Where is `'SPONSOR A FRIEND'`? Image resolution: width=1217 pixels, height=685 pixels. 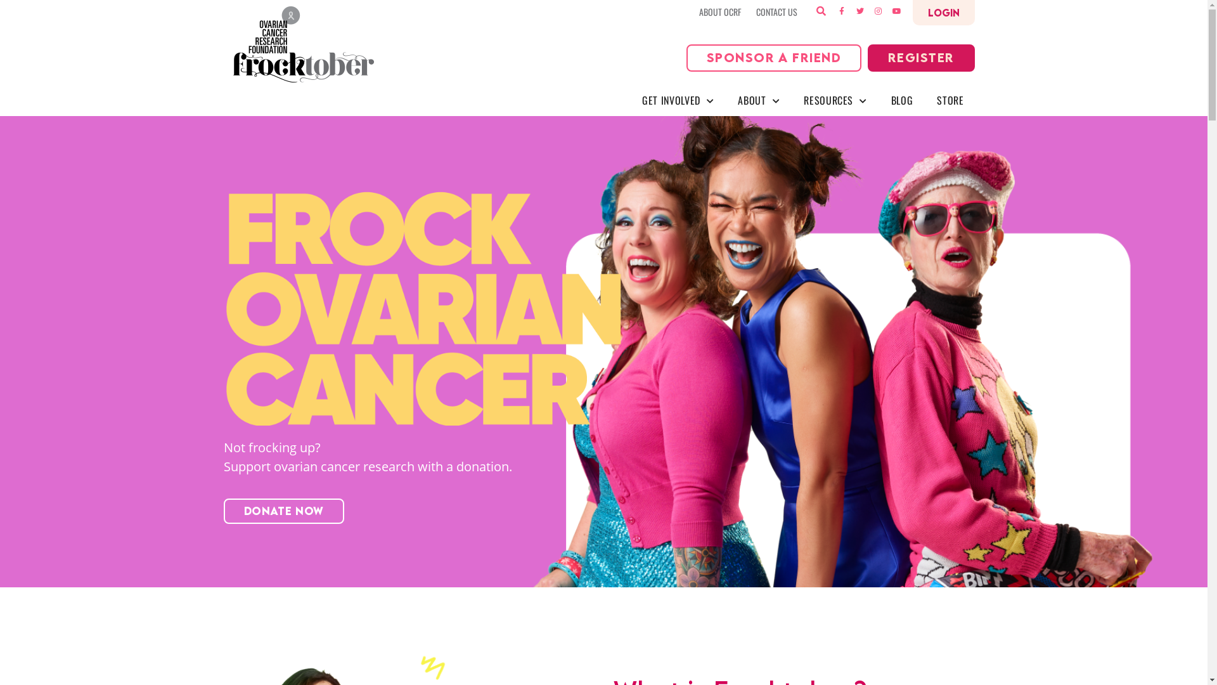
'SPONSOR A FRIEND' is located at coordinates (773, 58).